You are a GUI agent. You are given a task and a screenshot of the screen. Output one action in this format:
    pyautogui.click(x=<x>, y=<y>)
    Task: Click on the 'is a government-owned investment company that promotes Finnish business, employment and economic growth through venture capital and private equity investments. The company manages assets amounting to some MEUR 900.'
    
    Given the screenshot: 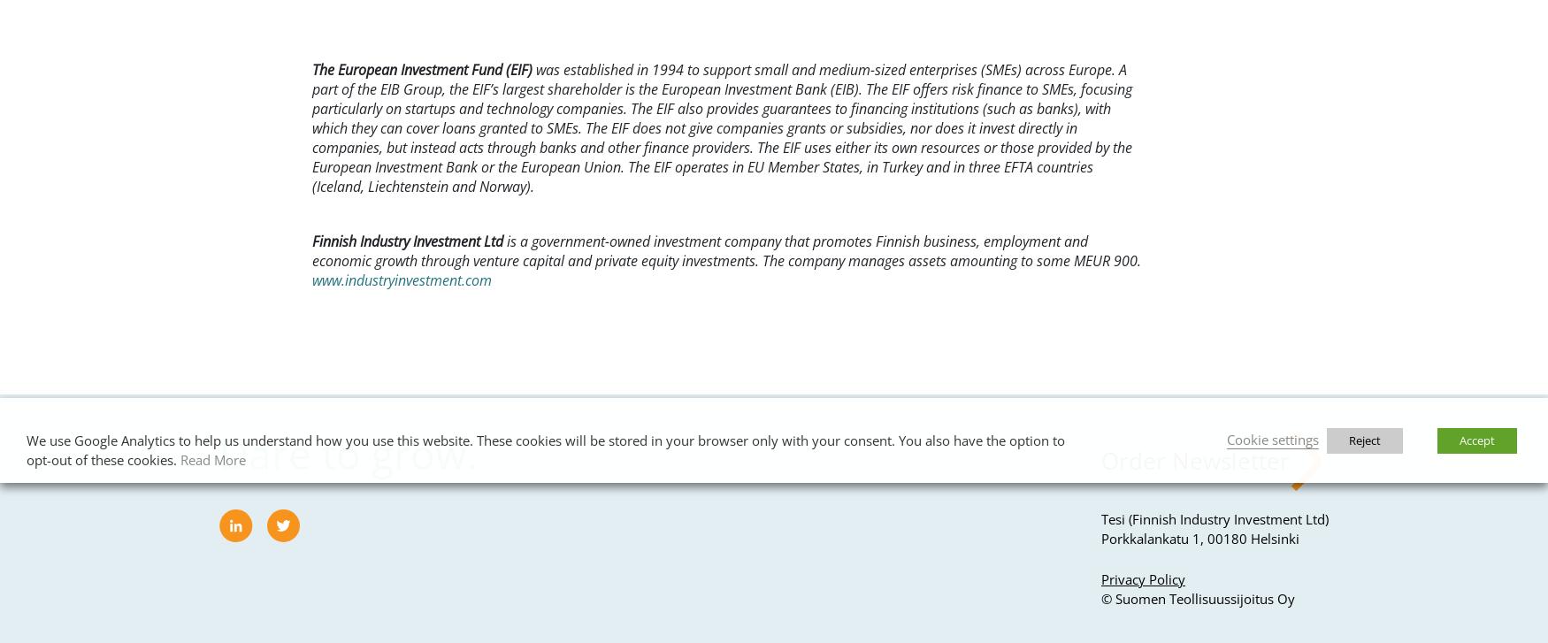 What is the action you would take?
    pyautogui.click(x=725, y=250)
    